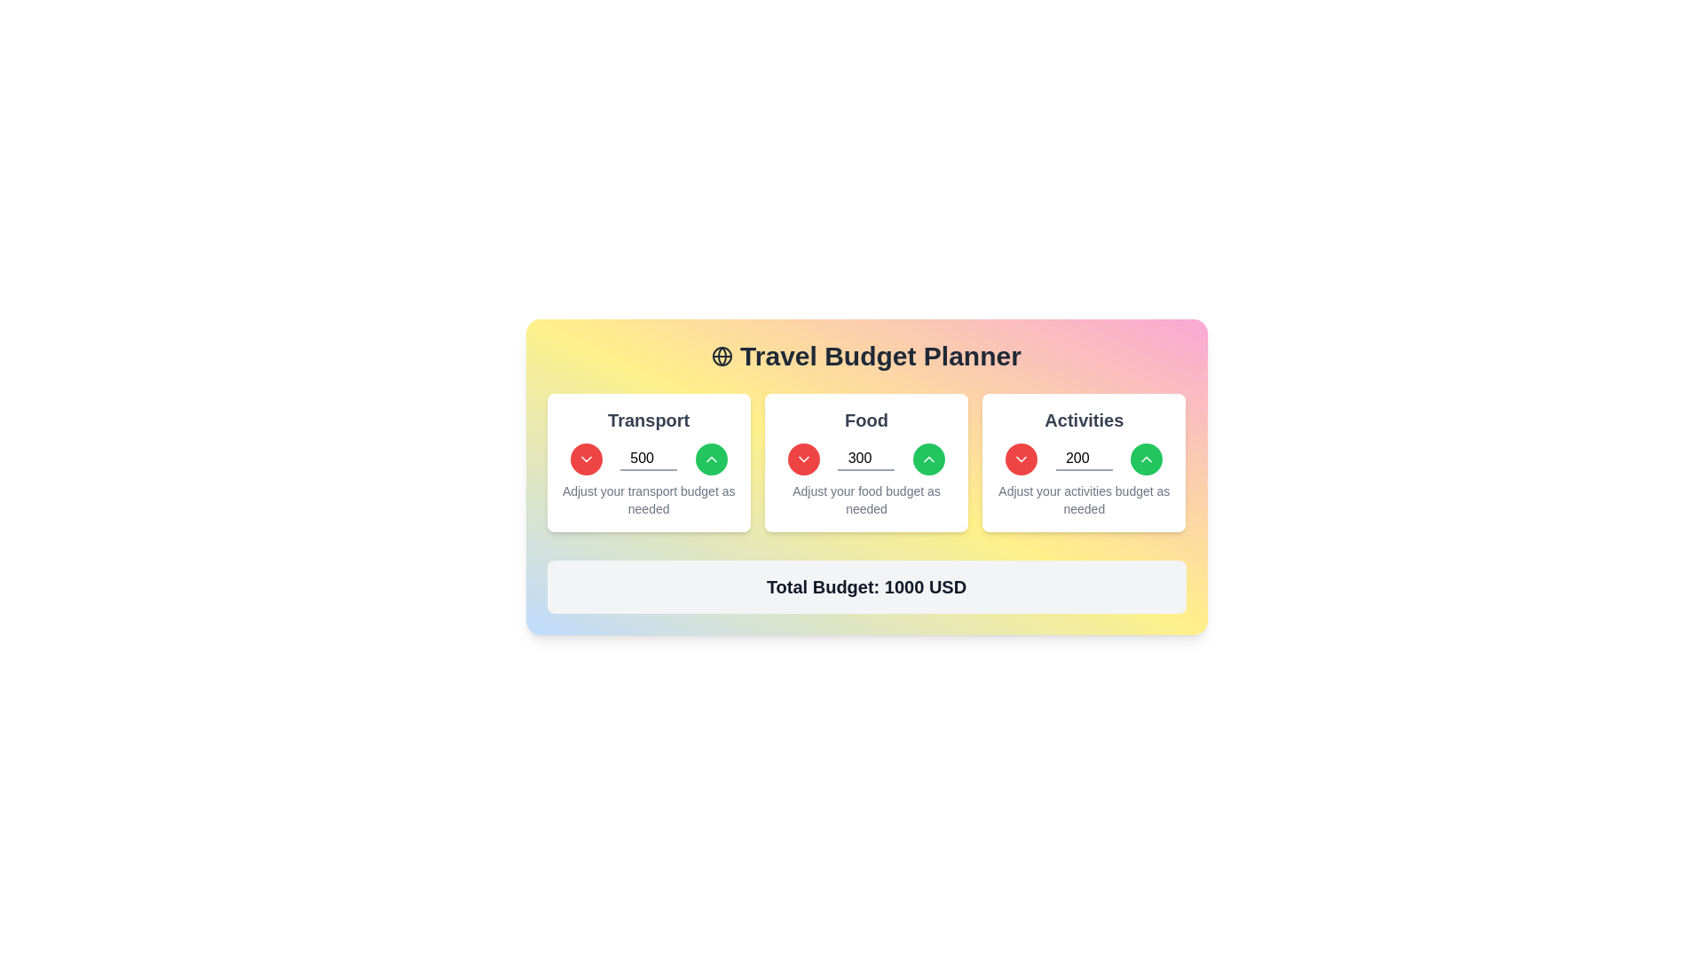  Describe the element at coordinates (1147, 458) in the screenshot. I see `the green circular button with an upward arrow icon located in the 'Activities' section, positioned to the right of the numeric input displaying '200'` at that location.